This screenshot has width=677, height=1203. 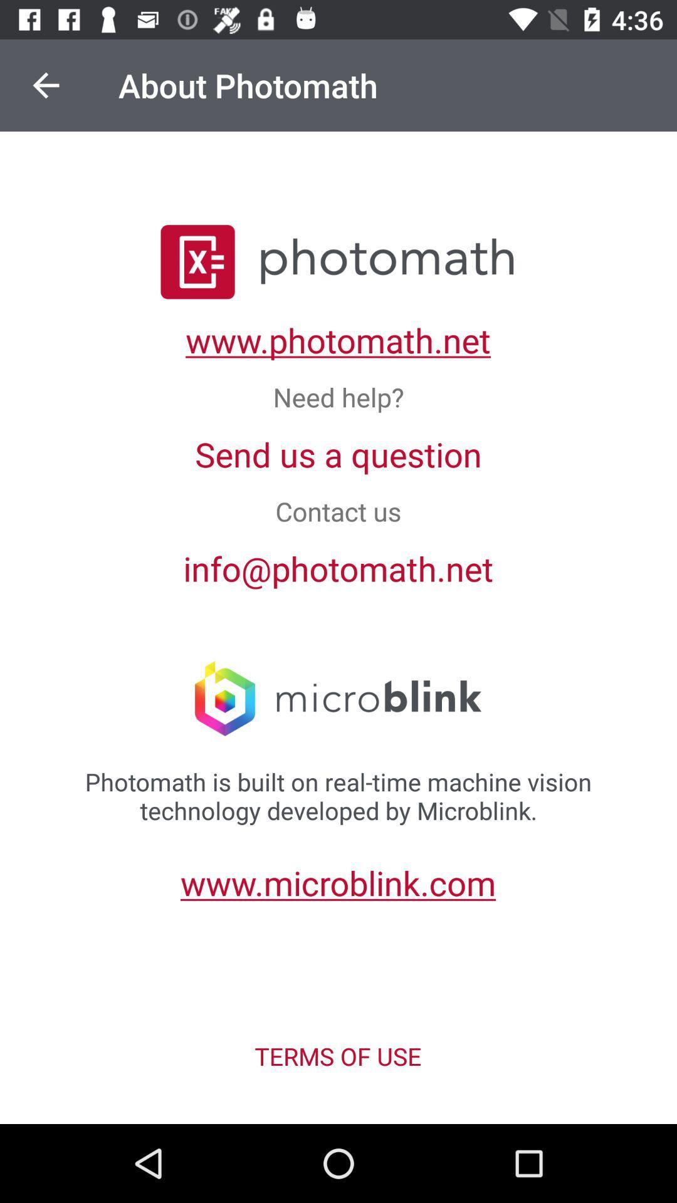 What do you see at coordinates (338, 568) in the screenshot?
I see `the text below contact us` at bounding box center [338, 568].